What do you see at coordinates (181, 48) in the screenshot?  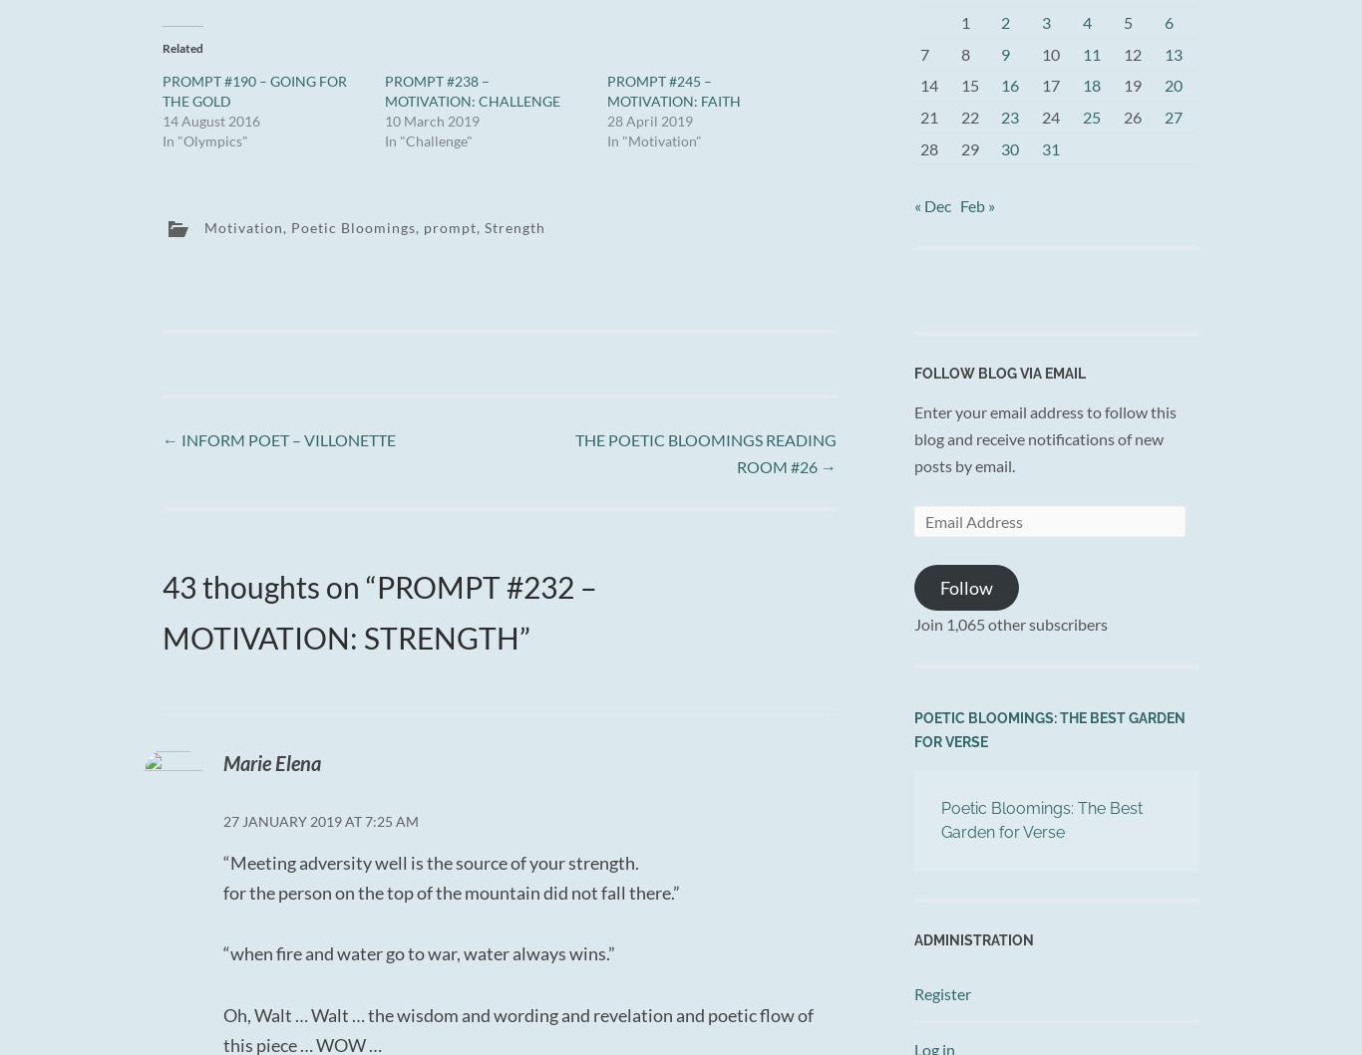 I see `'Related'` at bounding box center [181, 48].